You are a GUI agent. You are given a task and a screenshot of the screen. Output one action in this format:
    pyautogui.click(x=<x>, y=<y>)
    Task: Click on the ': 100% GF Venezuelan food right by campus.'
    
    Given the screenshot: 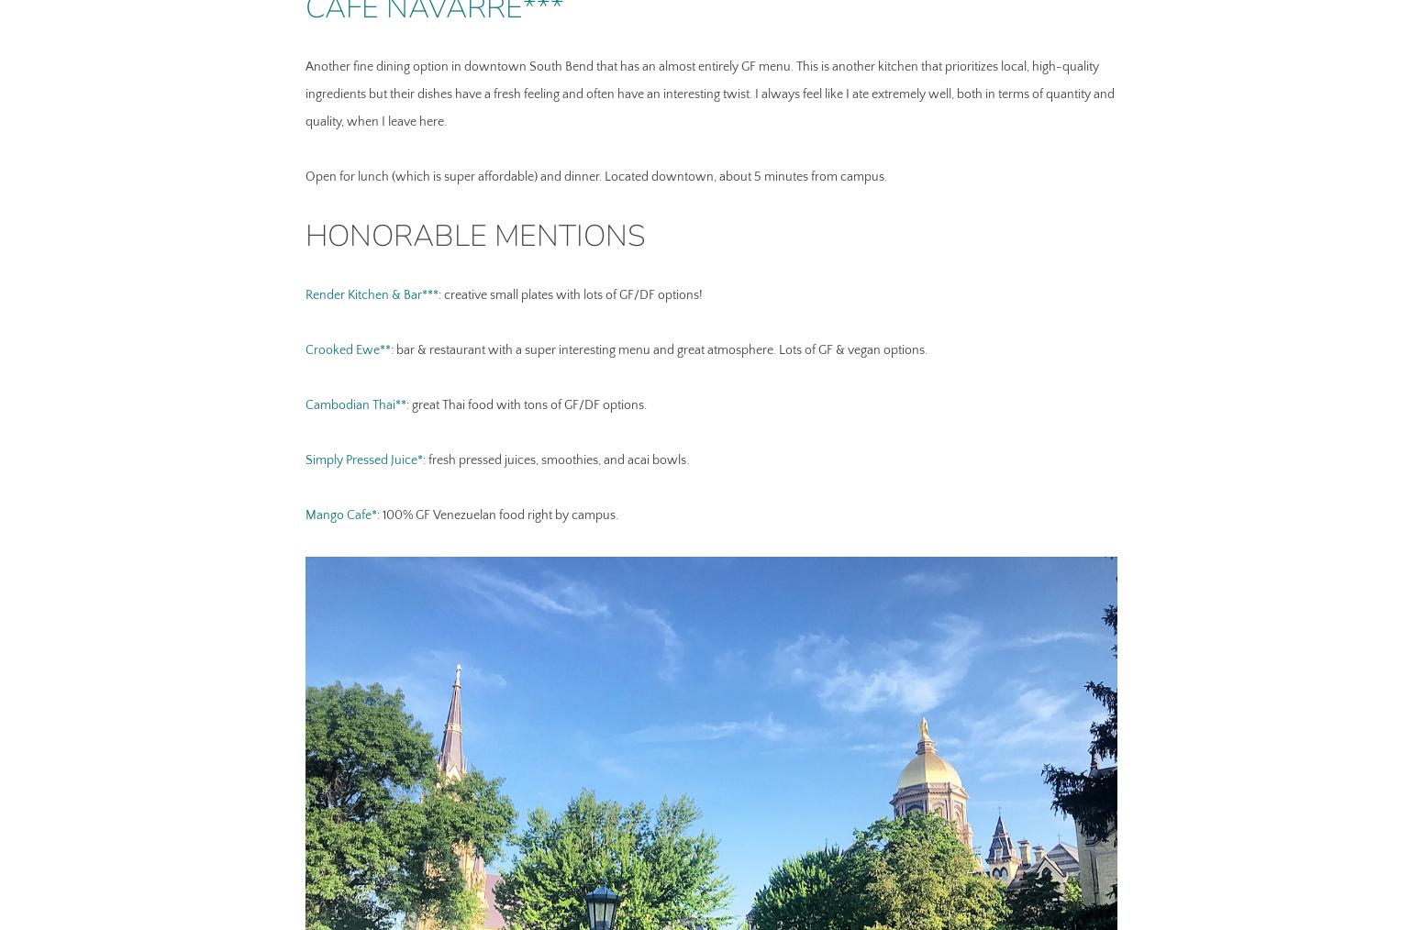 What is the action you would take?
    pyautogui.click(x=495, y=514)
    